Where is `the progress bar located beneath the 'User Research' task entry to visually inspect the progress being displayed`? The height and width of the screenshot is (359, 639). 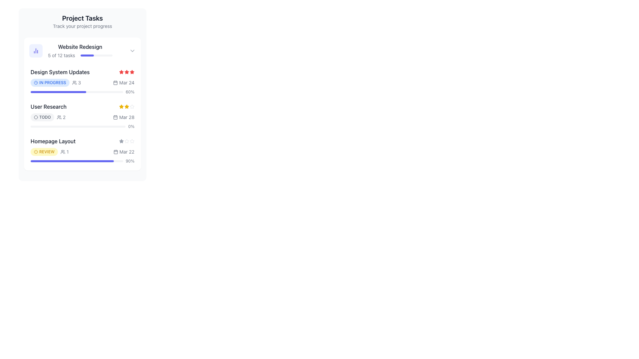
the progress bar located beneath the 'User Research' task entry to visually inspect the progress being displayed is located at coordinates (78, 127).